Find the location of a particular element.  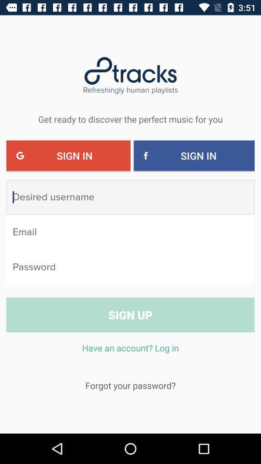

autoplay option is located at coordinates (130, 267).